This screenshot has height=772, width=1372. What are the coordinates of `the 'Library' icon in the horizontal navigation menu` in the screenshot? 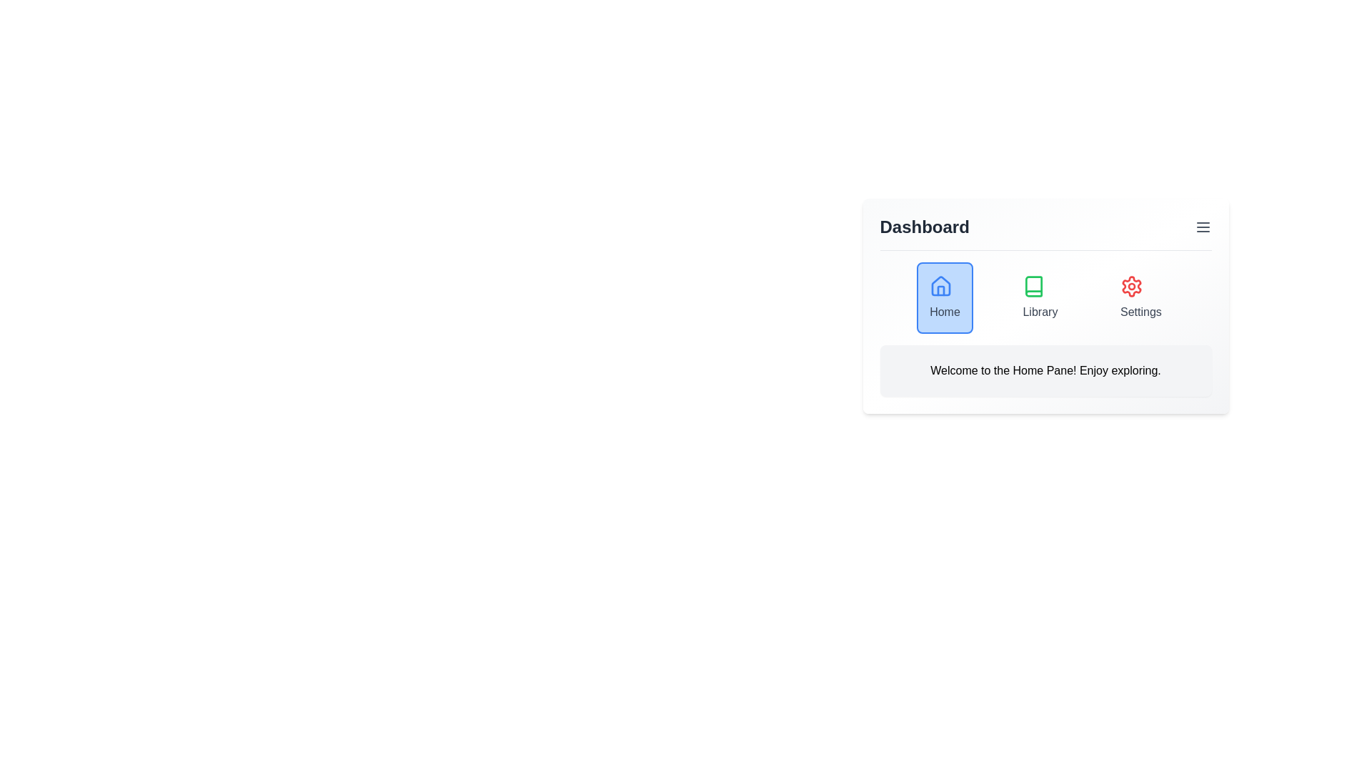 It's located at (1034, 287).